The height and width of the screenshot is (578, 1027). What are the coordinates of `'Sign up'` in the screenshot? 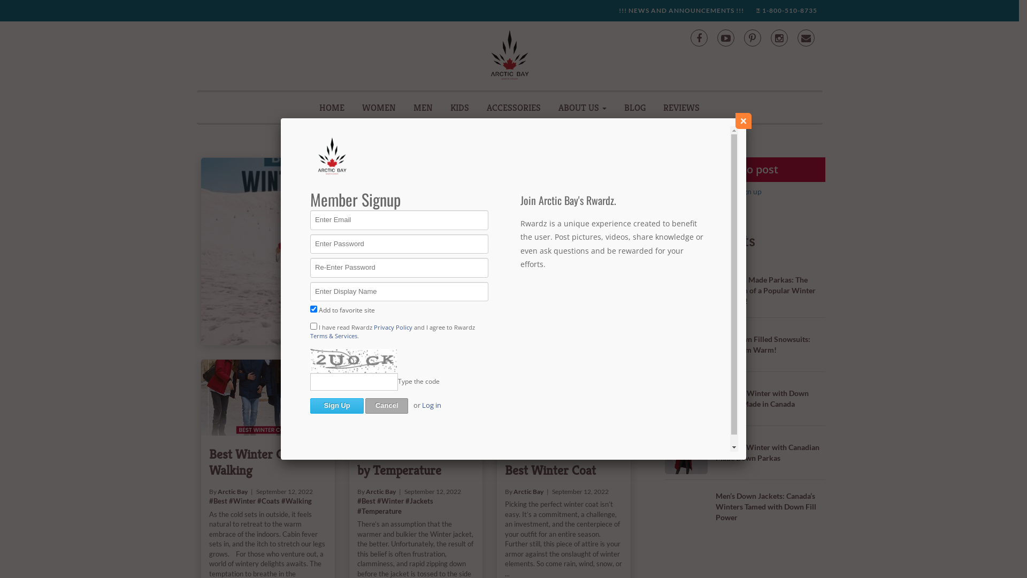 It's located at (748, 191).